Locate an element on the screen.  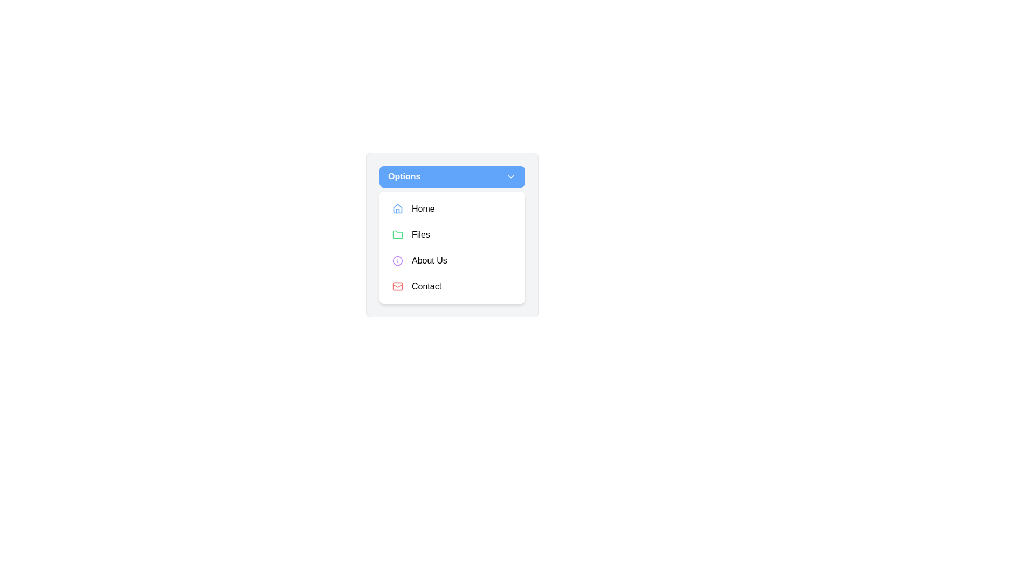
the 'Home' button located directly below the section header 'Options' in the vertical menu list for keyboard navigation is located at coordinates (452, 209).